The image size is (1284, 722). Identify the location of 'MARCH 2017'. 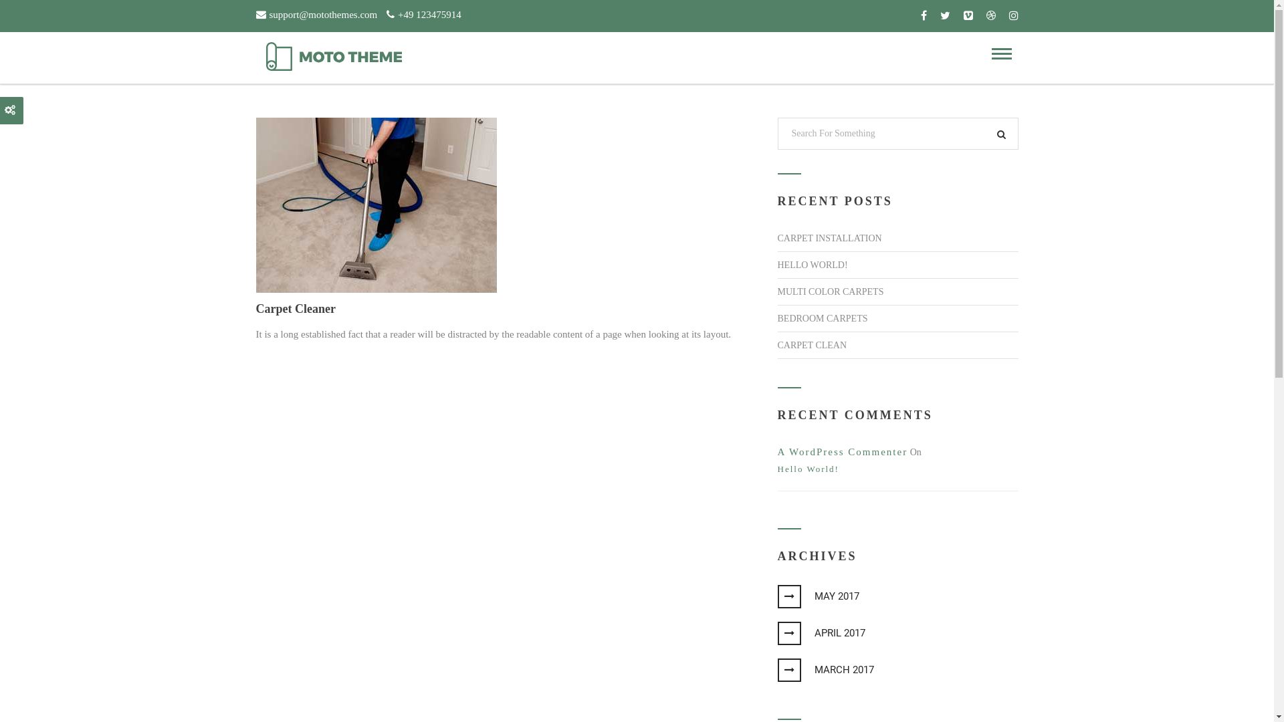
(790, 670).